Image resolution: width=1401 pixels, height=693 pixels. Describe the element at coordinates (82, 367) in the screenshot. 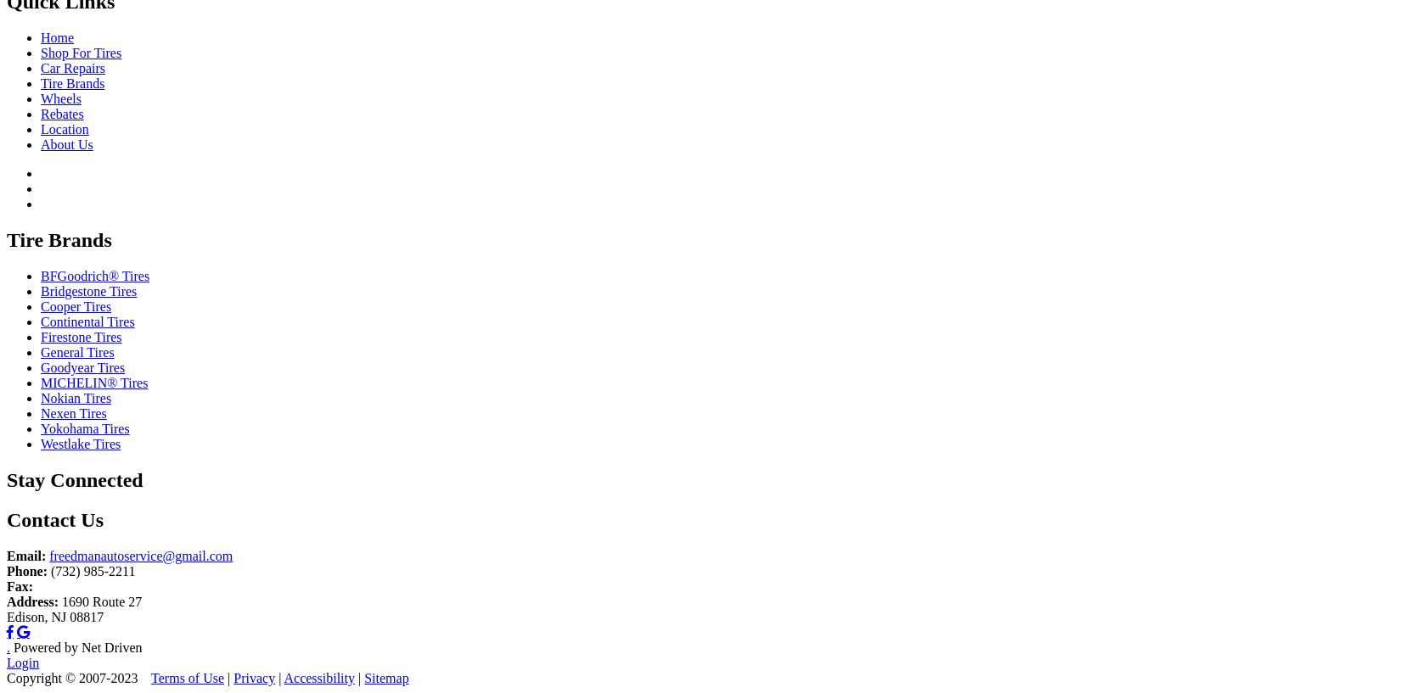

I see `'Goodyear Tires'` at that location.